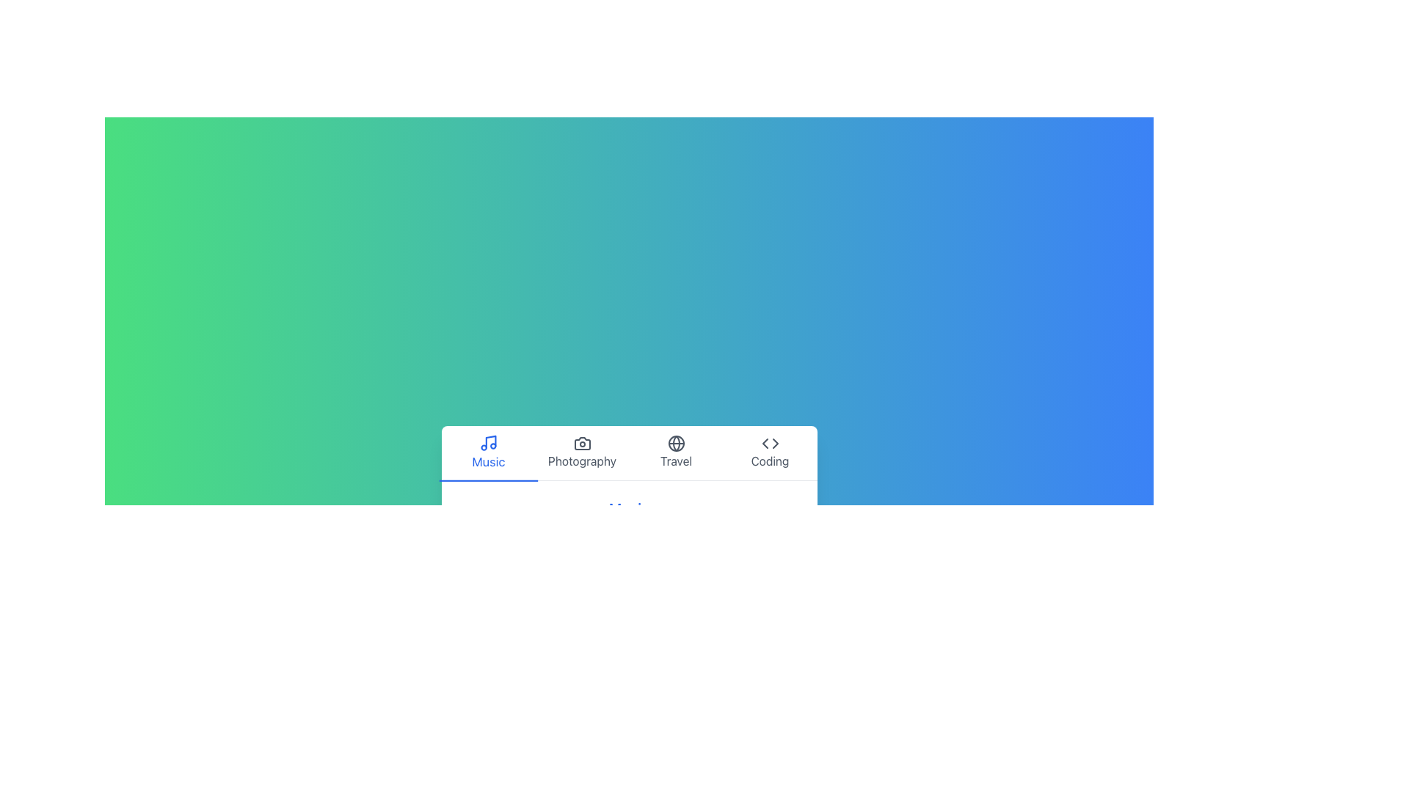  I want to click on the 'Music' text label in the navigation bar, so click(488, 461).